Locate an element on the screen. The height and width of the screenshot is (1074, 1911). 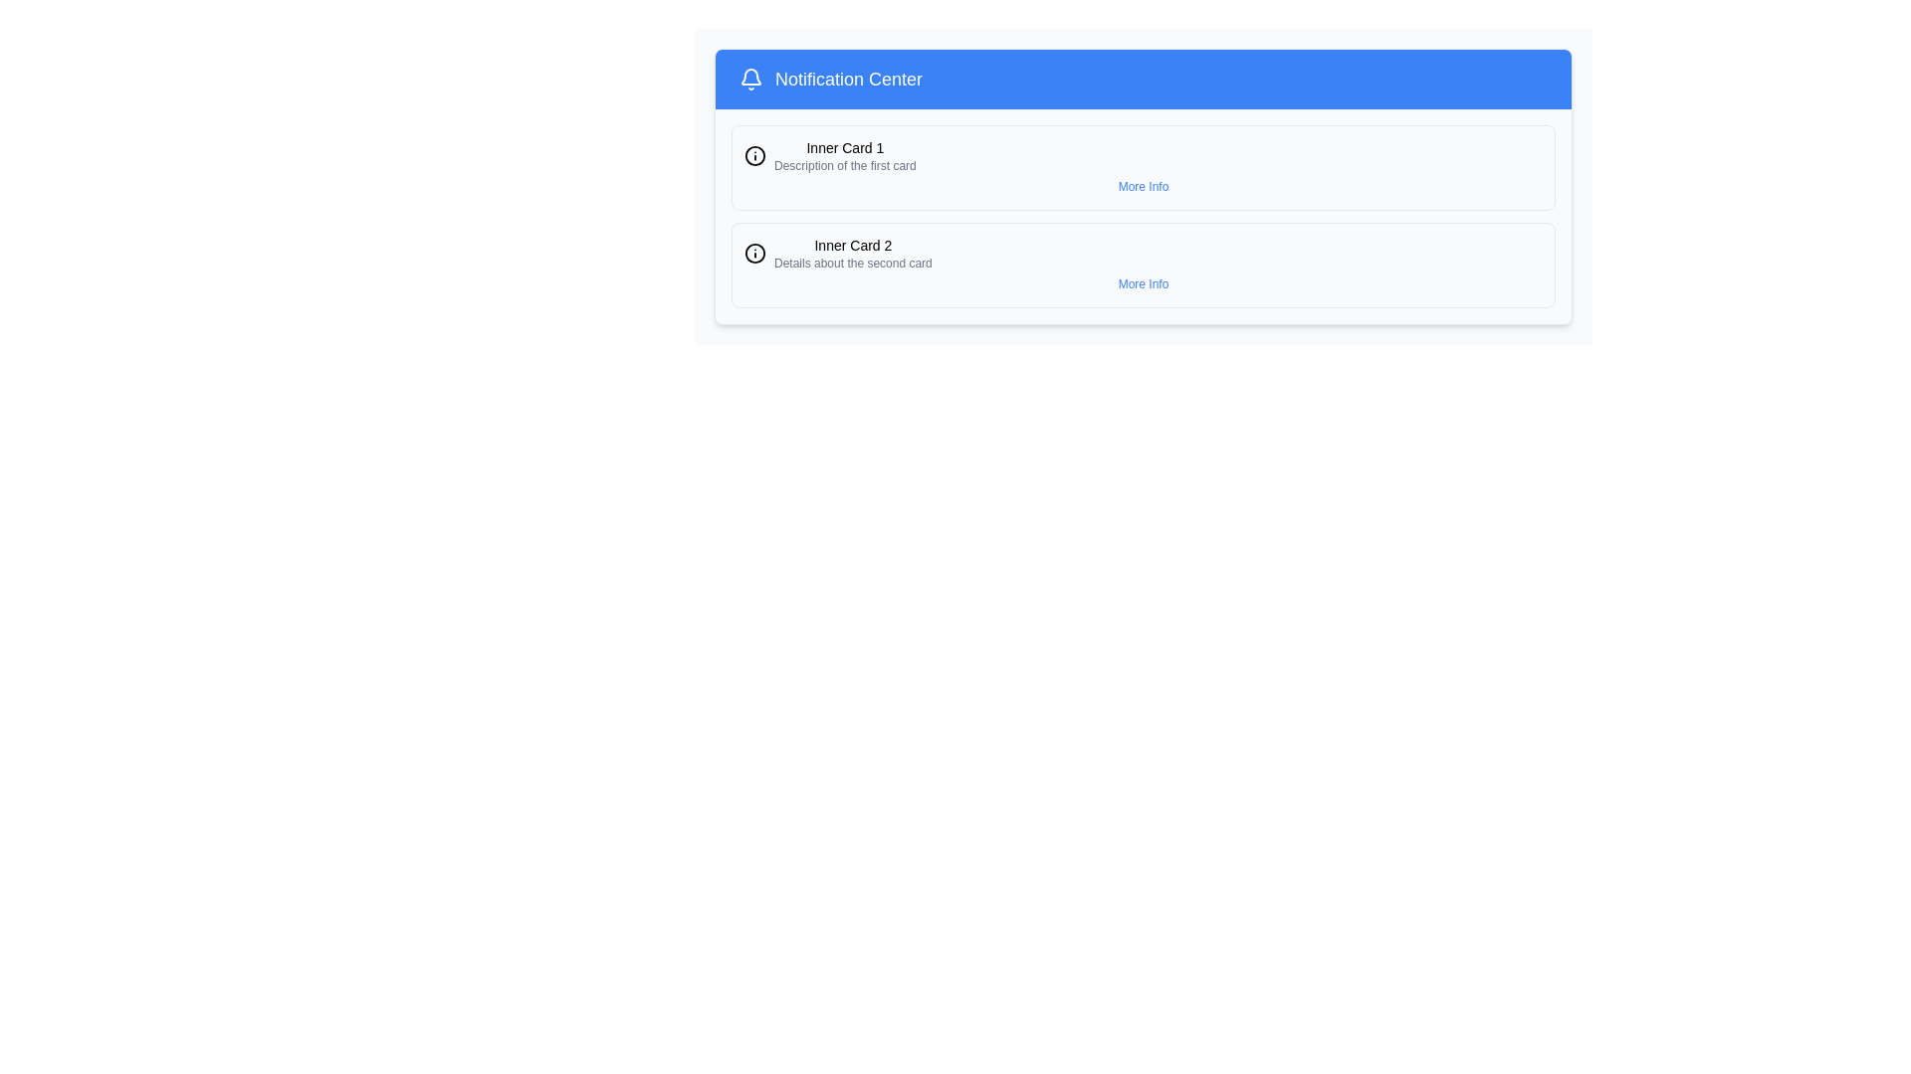
the text block titled 'Inner Card 2' which contains the subtitle 'Details about the second card', located in the second section of the notification list is located at coordinates (853, 252).